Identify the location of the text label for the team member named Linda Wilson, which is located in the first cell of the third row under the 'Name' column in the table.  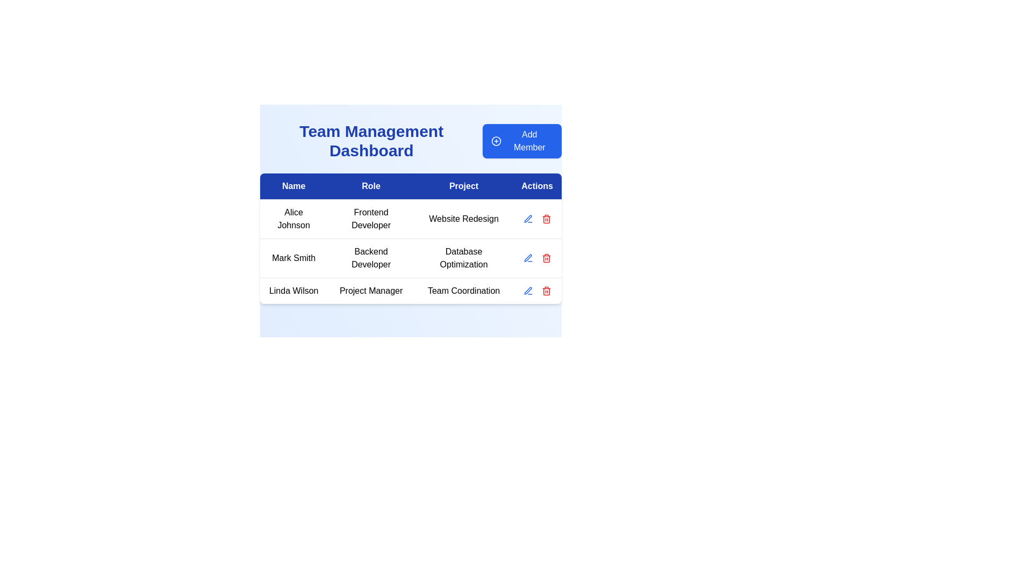
(293, 291).